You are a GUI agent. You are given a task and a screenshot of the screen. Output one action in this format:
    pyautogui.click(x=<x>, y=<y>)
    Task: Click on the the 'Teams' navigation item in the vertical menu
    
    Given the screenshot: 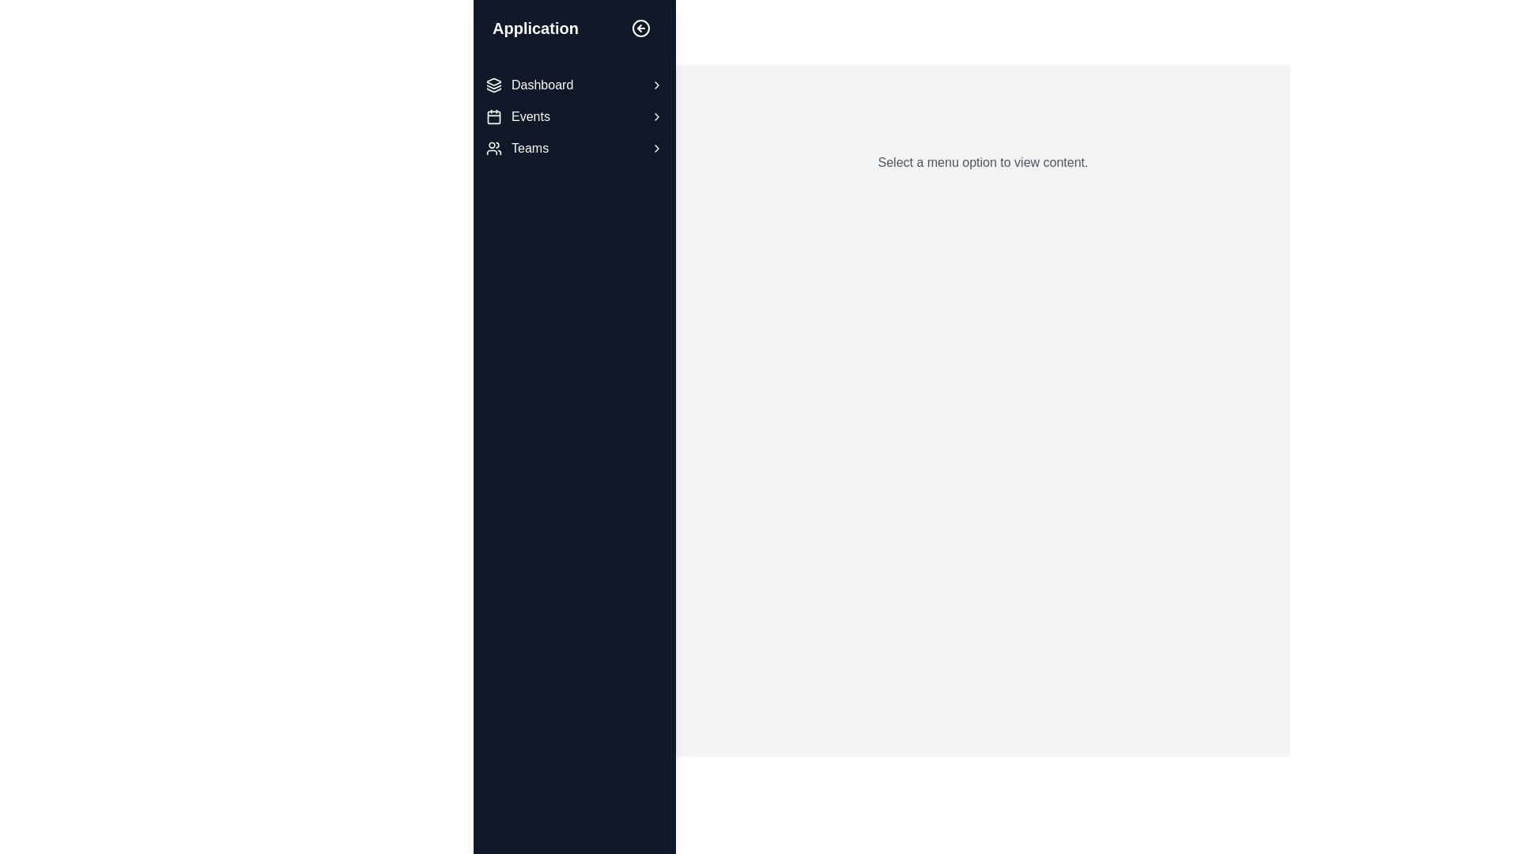 What is the action you would take?
    pyautogui.click(x=517, y=149)
    